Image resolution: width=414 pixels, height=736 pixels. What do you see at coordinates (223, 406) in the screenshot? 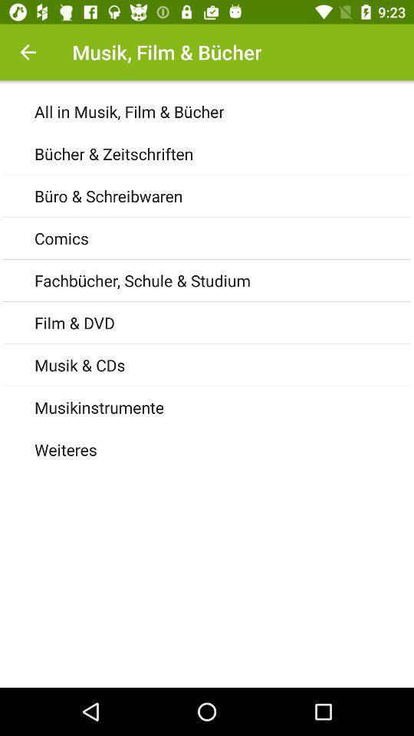
I see `musikinstrumente` at bounding box center [223, 406].